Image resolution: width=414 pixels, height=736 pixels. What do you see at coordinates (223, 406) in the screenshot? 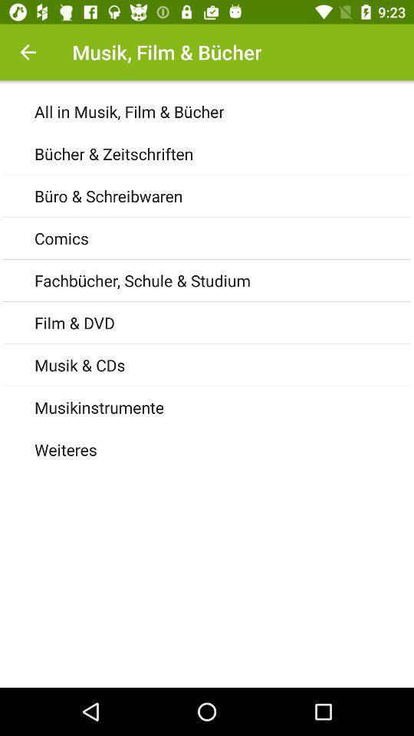
I see `musikinstrumente` at bounding box center [223, 406].